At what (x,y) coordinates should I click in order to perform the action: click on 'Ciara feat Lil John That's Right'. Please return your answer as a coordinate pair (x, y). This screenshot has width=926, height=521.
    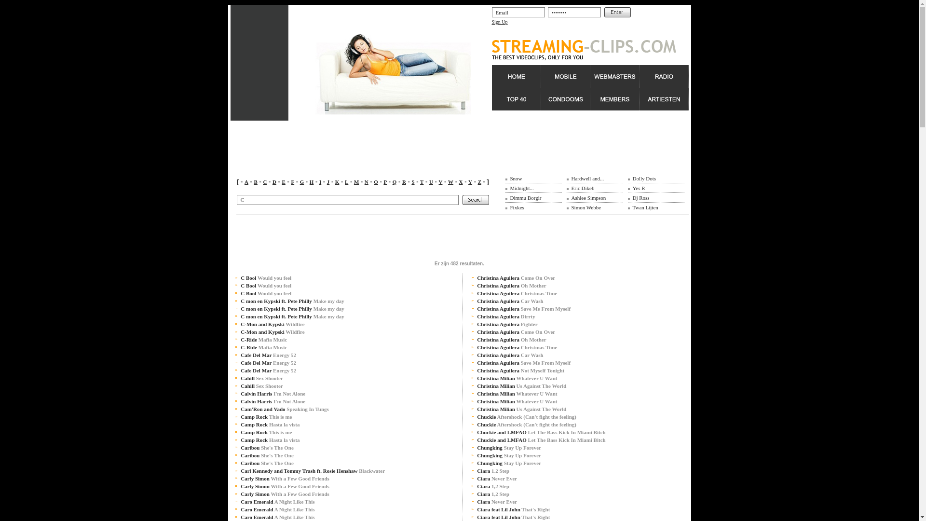
    Looking at the image, I should click on (513, 517).